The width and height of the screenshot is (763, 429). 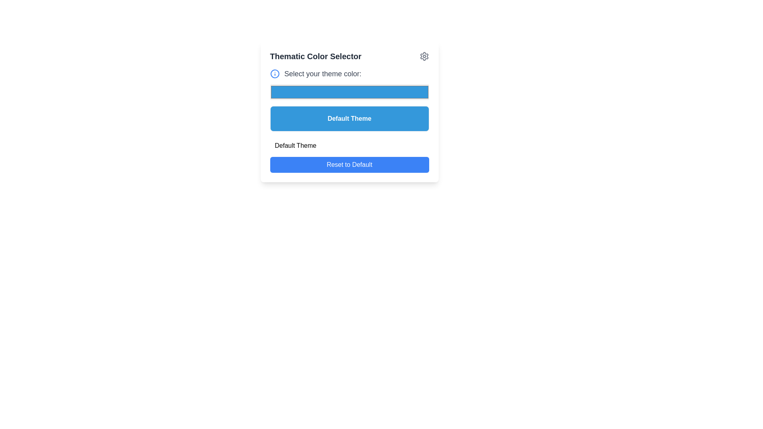 What do you see at coordinates (349, 119) in the screenshot?
I see `the text label reading 'Default Theme', which is styled in bold white font and located on a blue rectangular background` at bounding box center [349, 119].